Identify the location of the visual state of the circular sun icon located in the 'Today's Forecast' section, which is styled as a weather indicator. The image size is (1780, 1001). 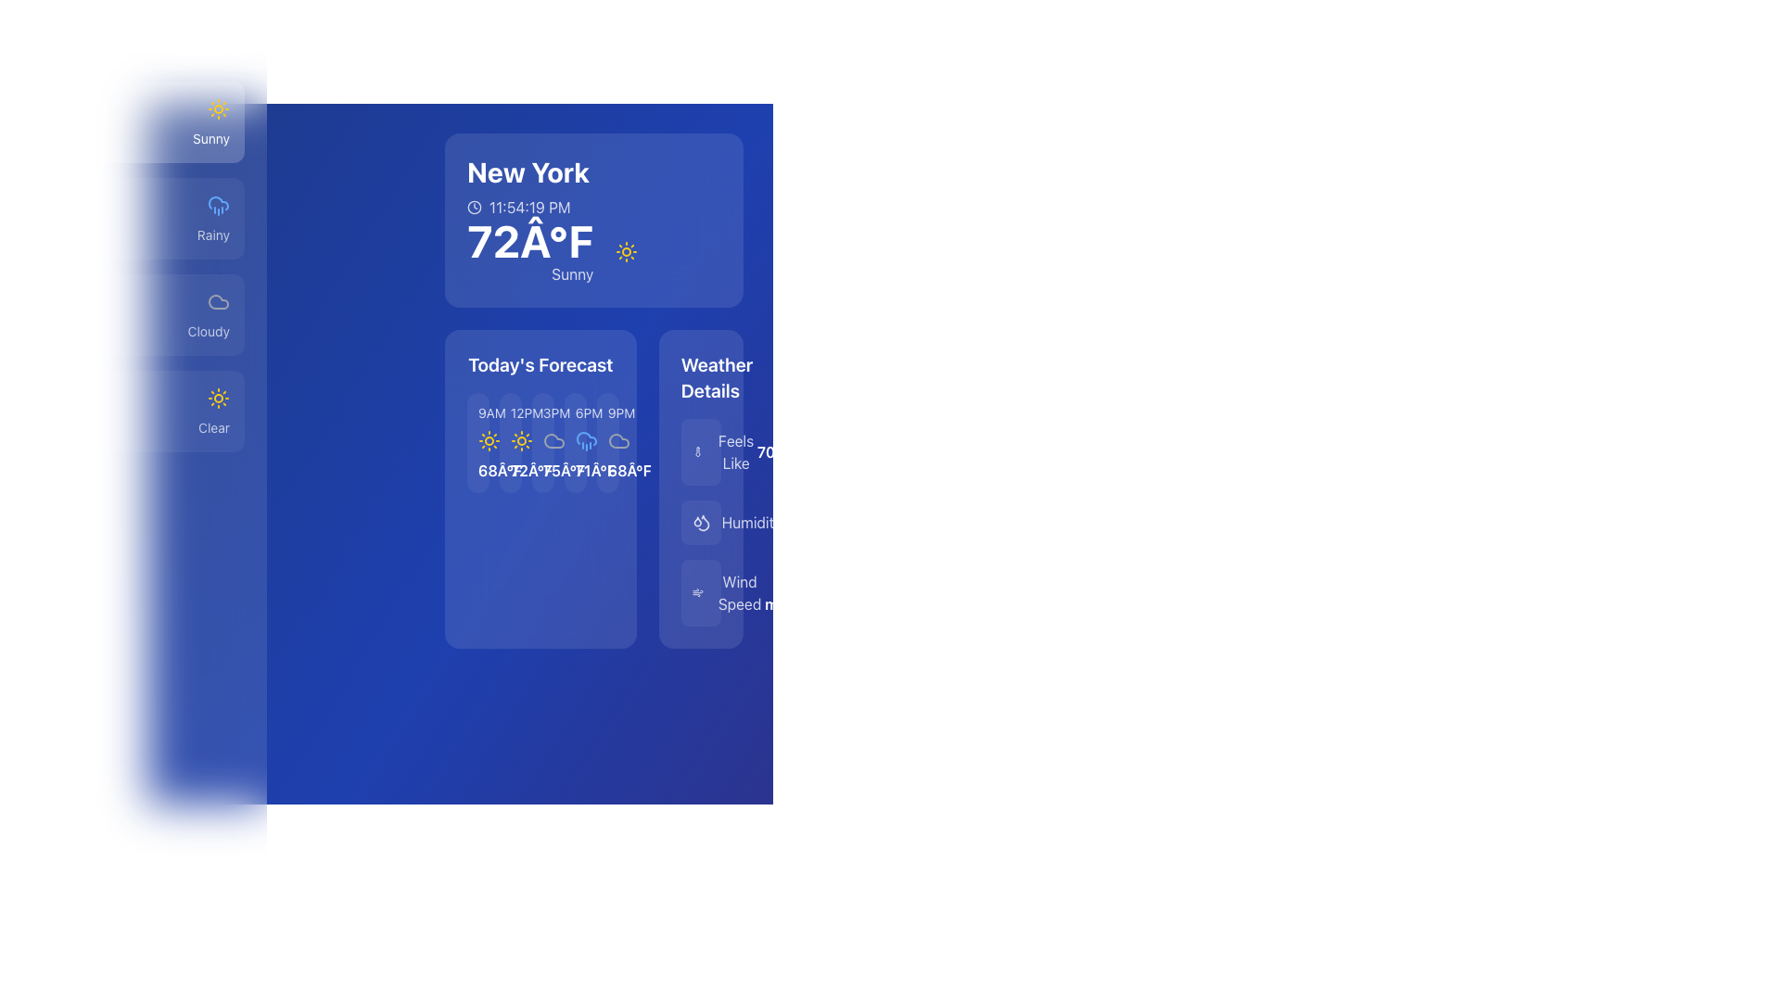
(520, 440).